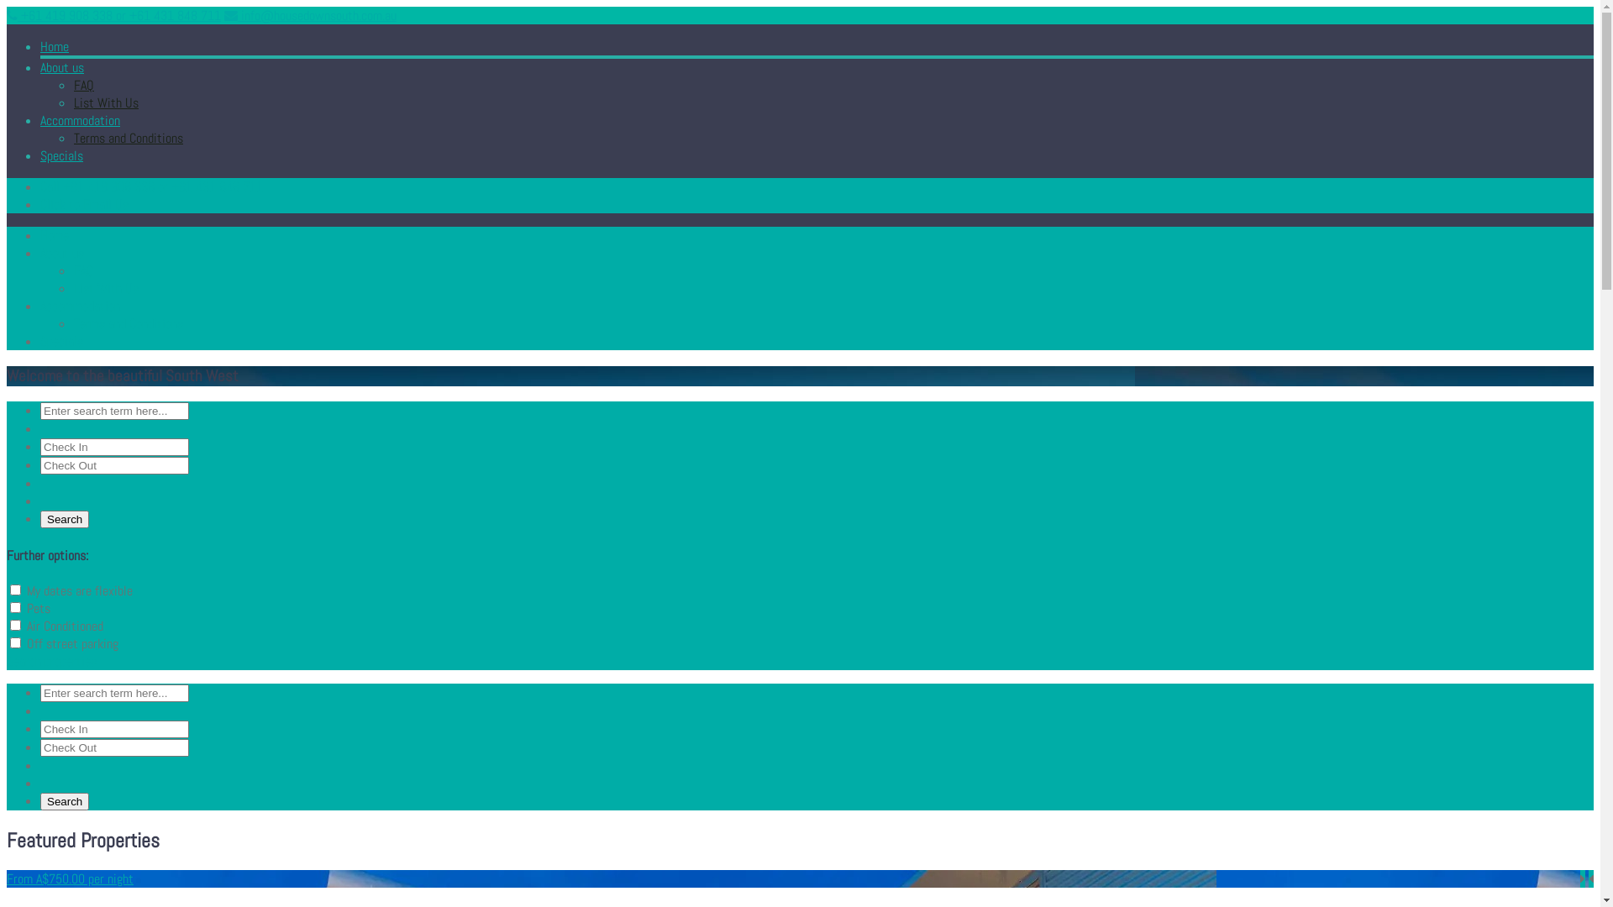  Describe the element at coordinates (55, 45) in the screenshot. I see `'Home'` at that location.